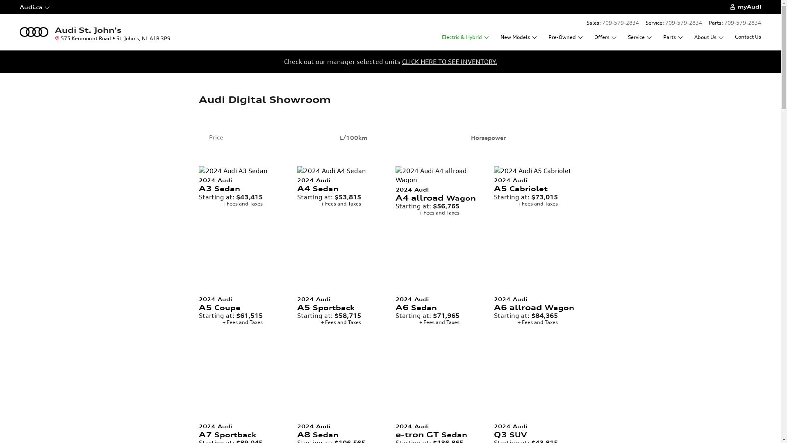 The width and height of the screenshot is (787, 443). What do you see at coordinates (111, 38) in the screenshot?
I see `'575 Kenmount Road` at bounding box center [111, 38].